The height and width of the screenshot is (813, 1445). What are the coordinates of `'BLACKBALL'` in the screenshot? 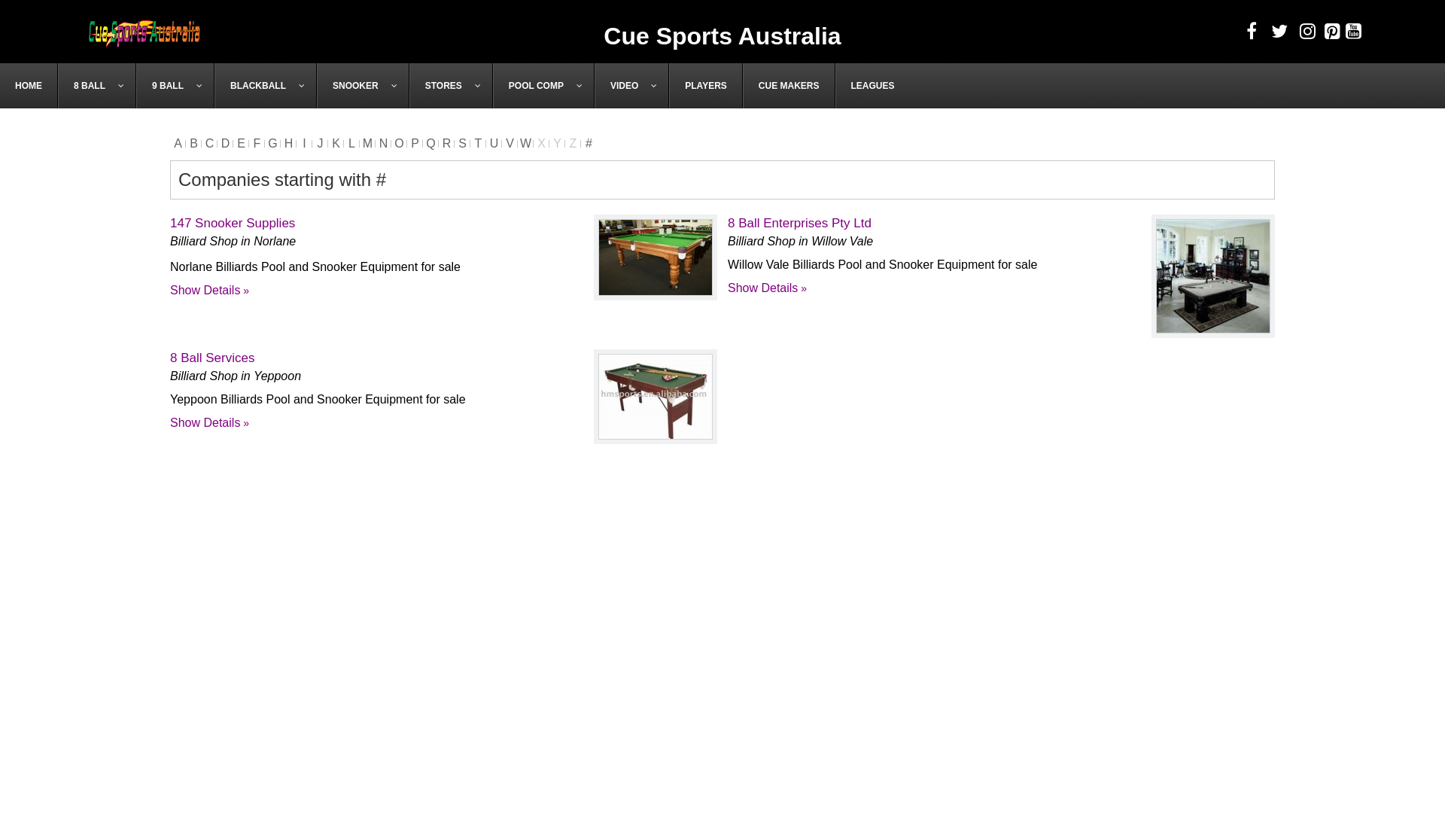 It's located at (266, 86).